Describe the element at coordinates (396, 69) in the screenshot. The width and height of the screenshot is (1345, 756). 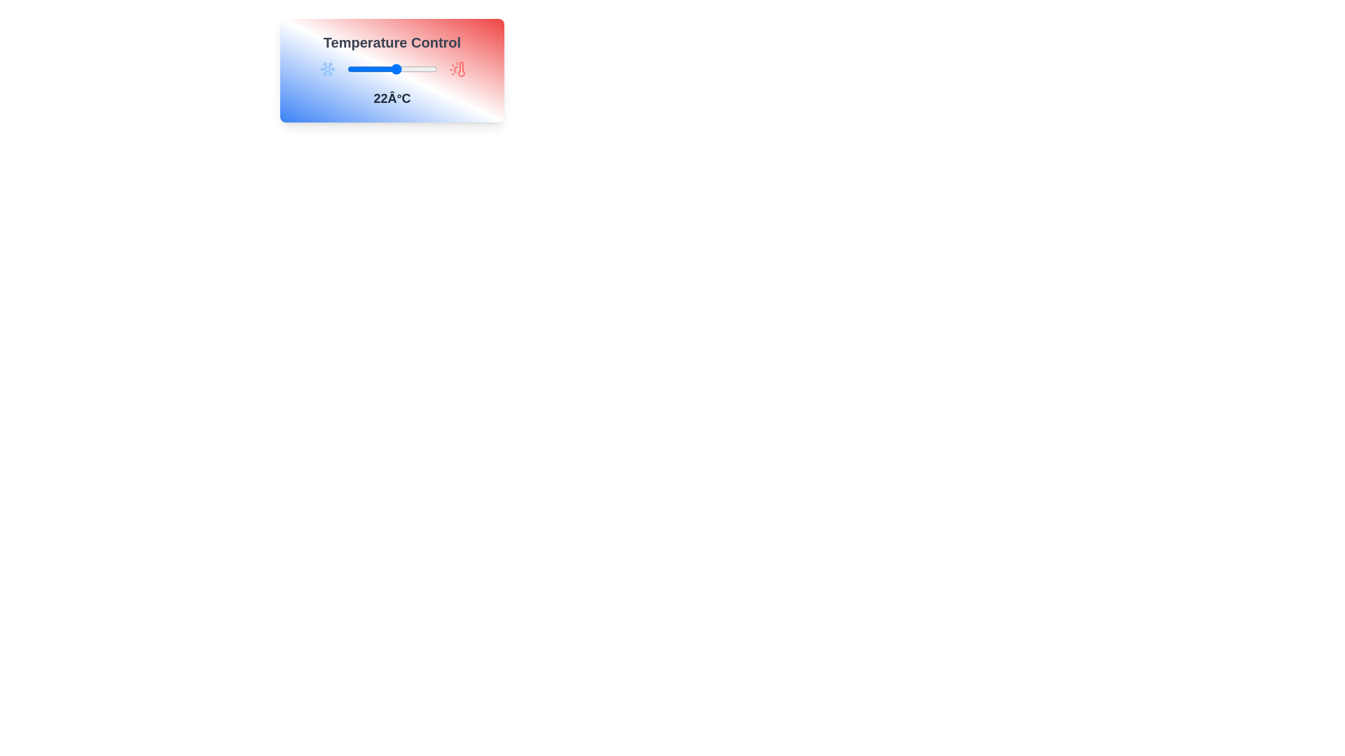
I see `the temperature slider to set the temperature to 22°C` at that location.